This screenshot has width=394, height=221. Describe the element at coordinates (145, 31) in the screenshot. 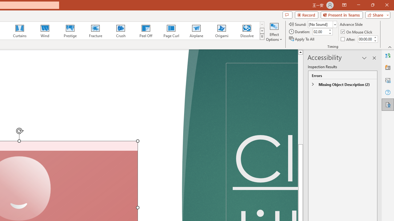

I see `'Peel Off'` at that location.